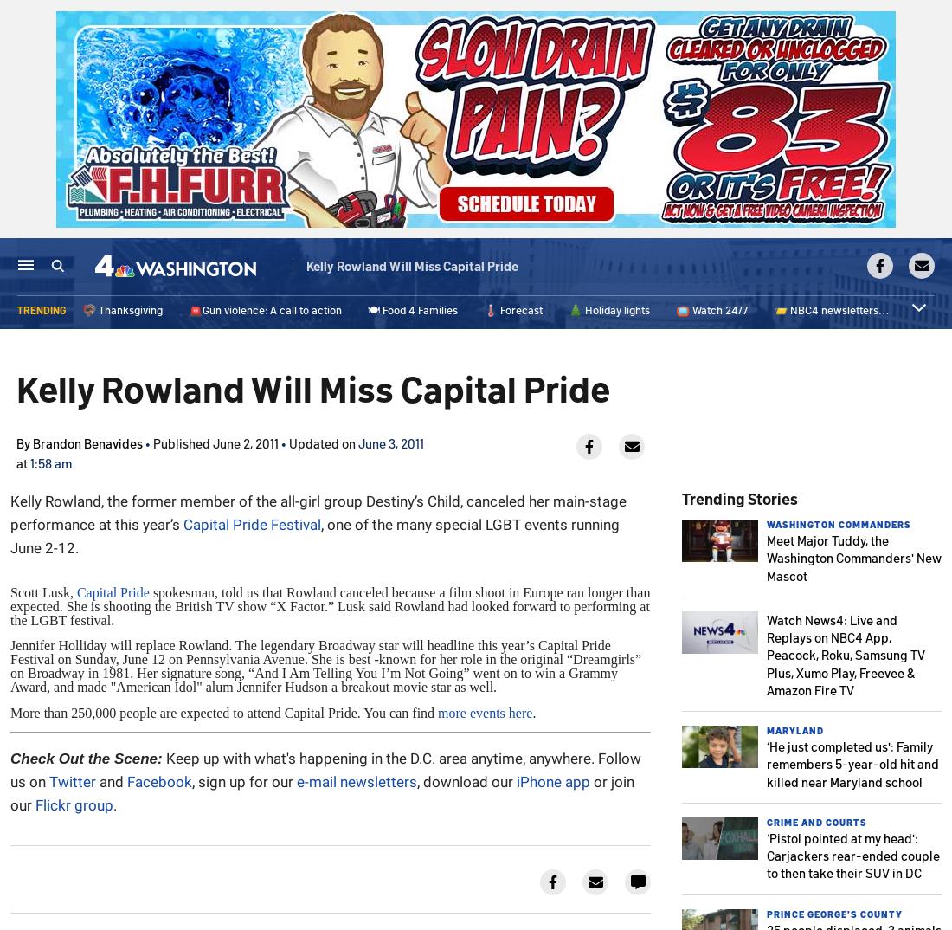  Describe the element at coordinates (40, 310) in the screenshot. I see `'Trending'` at that location.